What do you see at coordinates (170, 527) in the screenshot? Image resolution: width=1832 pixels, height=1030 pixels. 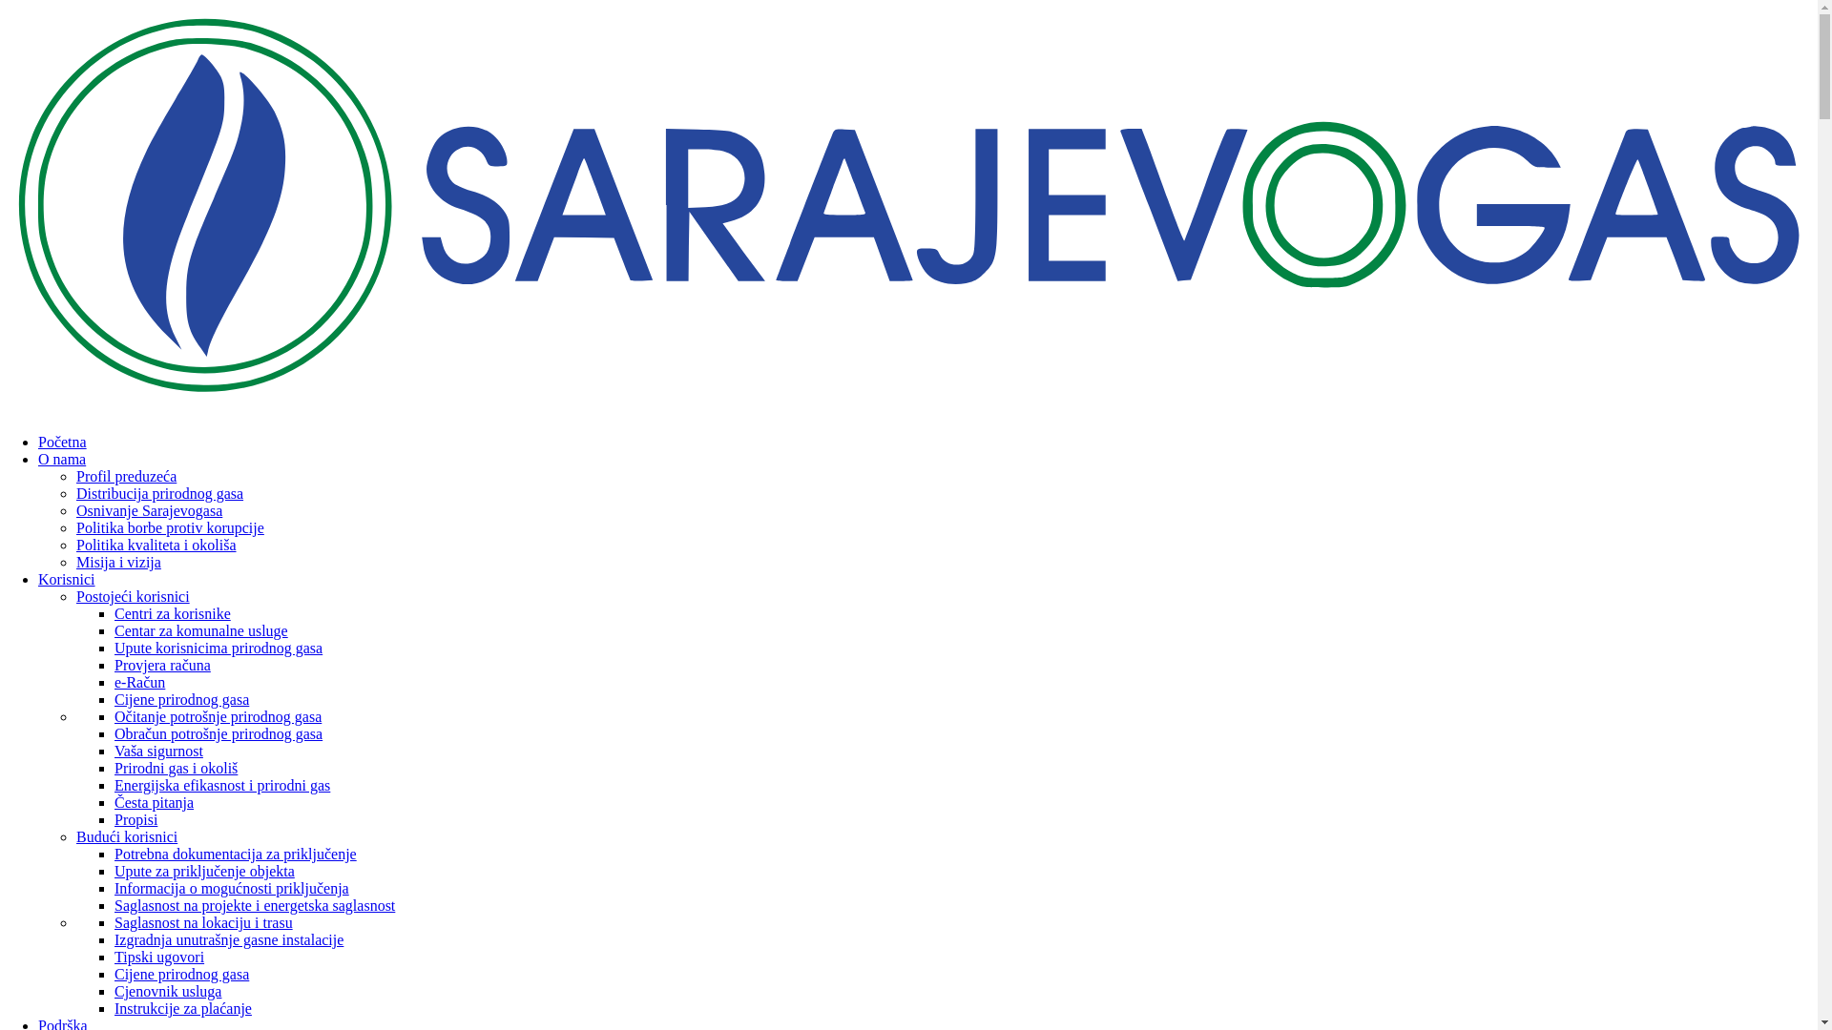 I see `'Politika borbe protiv korupcije'` at bounding box center [170, 527].